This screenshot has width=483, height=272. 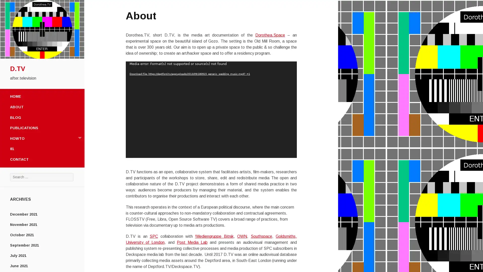 What do you see at coordinates (132, 152) in the screenshot?
I see `Play` at bounding box center [132, 152].